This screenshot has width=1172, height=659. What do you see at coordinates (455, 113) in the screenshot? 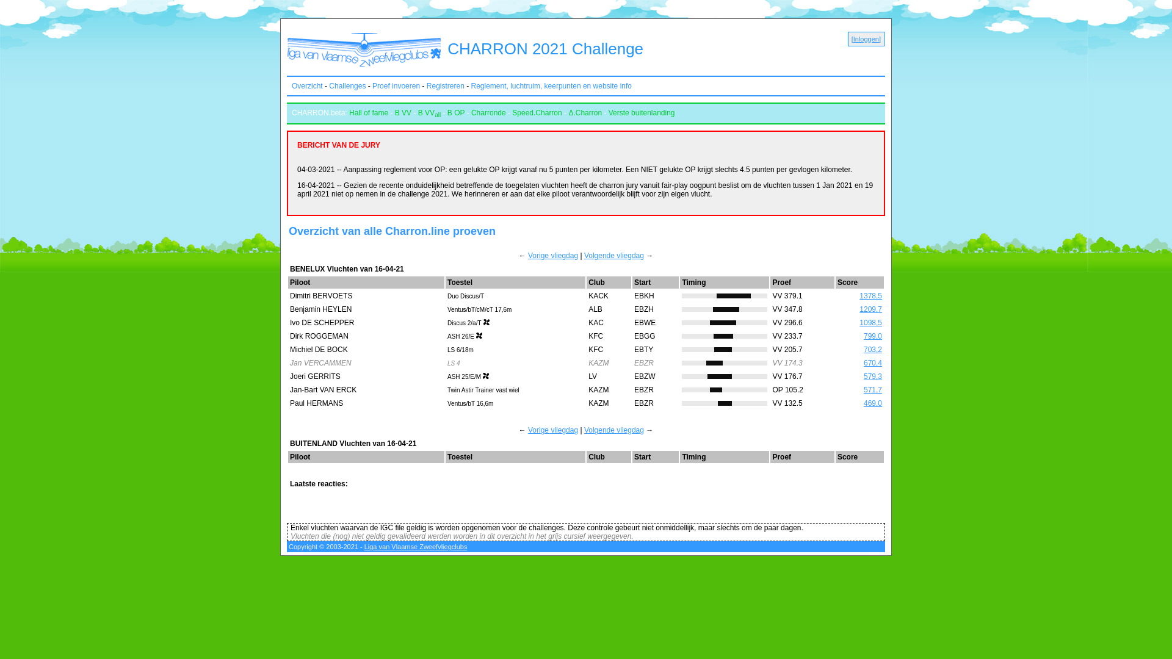
I see `'B OP'` at bounding box center [455, 113].